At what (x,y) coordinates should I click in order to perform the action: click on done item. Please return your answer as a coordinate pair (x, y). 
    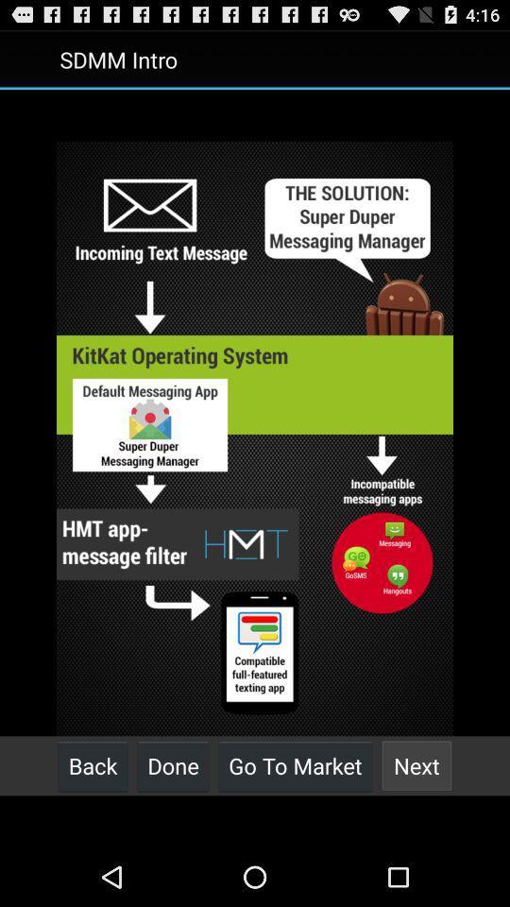
    Looking at the image, I should click on (173, 765).